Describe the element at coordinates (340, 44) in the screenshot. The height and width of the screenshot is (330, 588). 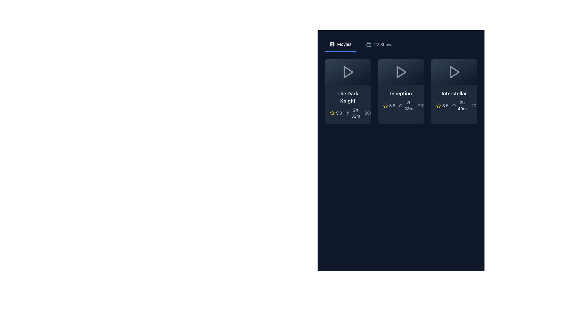
I see `the 'Movies' navigation tab located in the top navigation bar` at that location.